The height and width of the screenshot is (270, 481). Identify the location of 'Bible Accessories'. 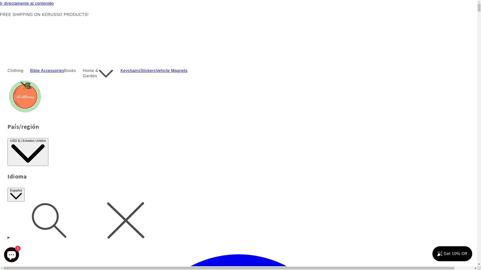
(47, 71).